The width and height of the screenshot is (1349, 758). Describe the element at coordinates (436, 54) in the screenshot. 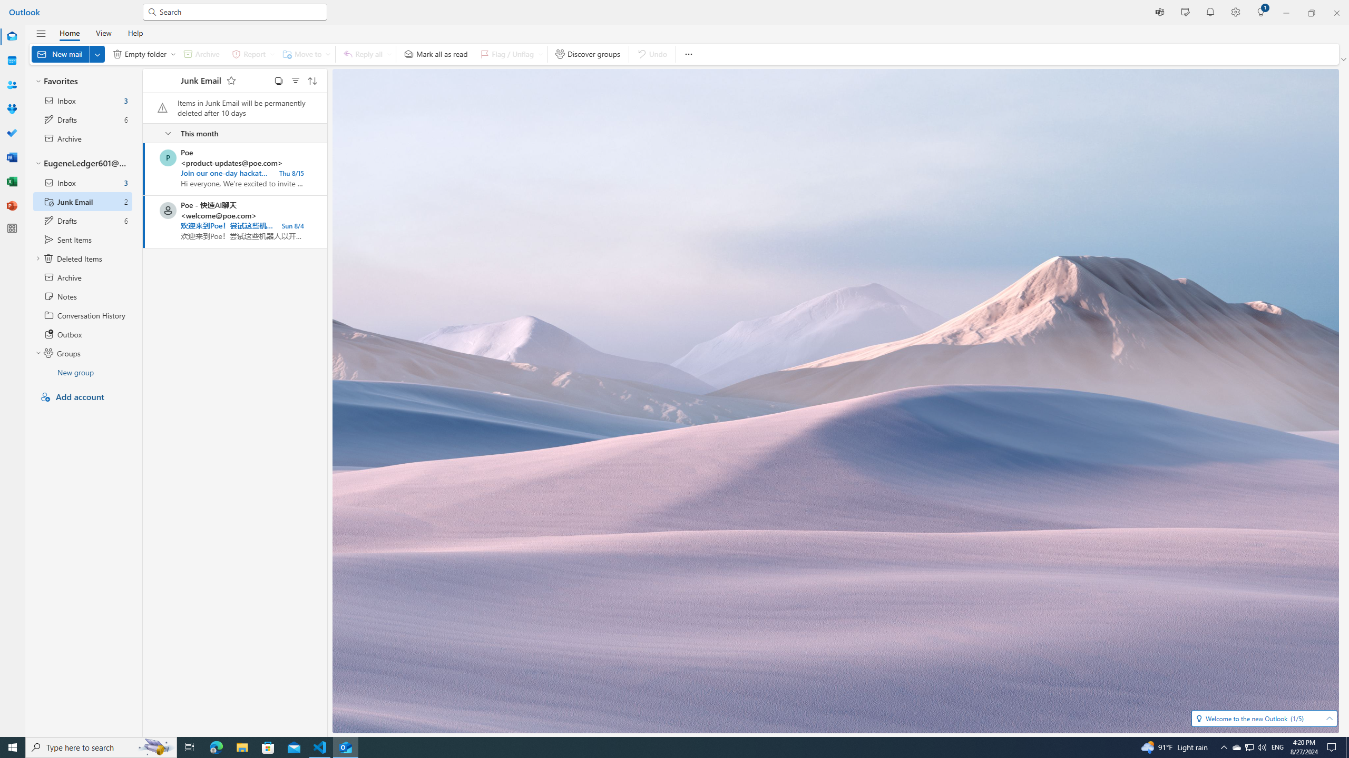

I see `'Mark all as read'` at that location.